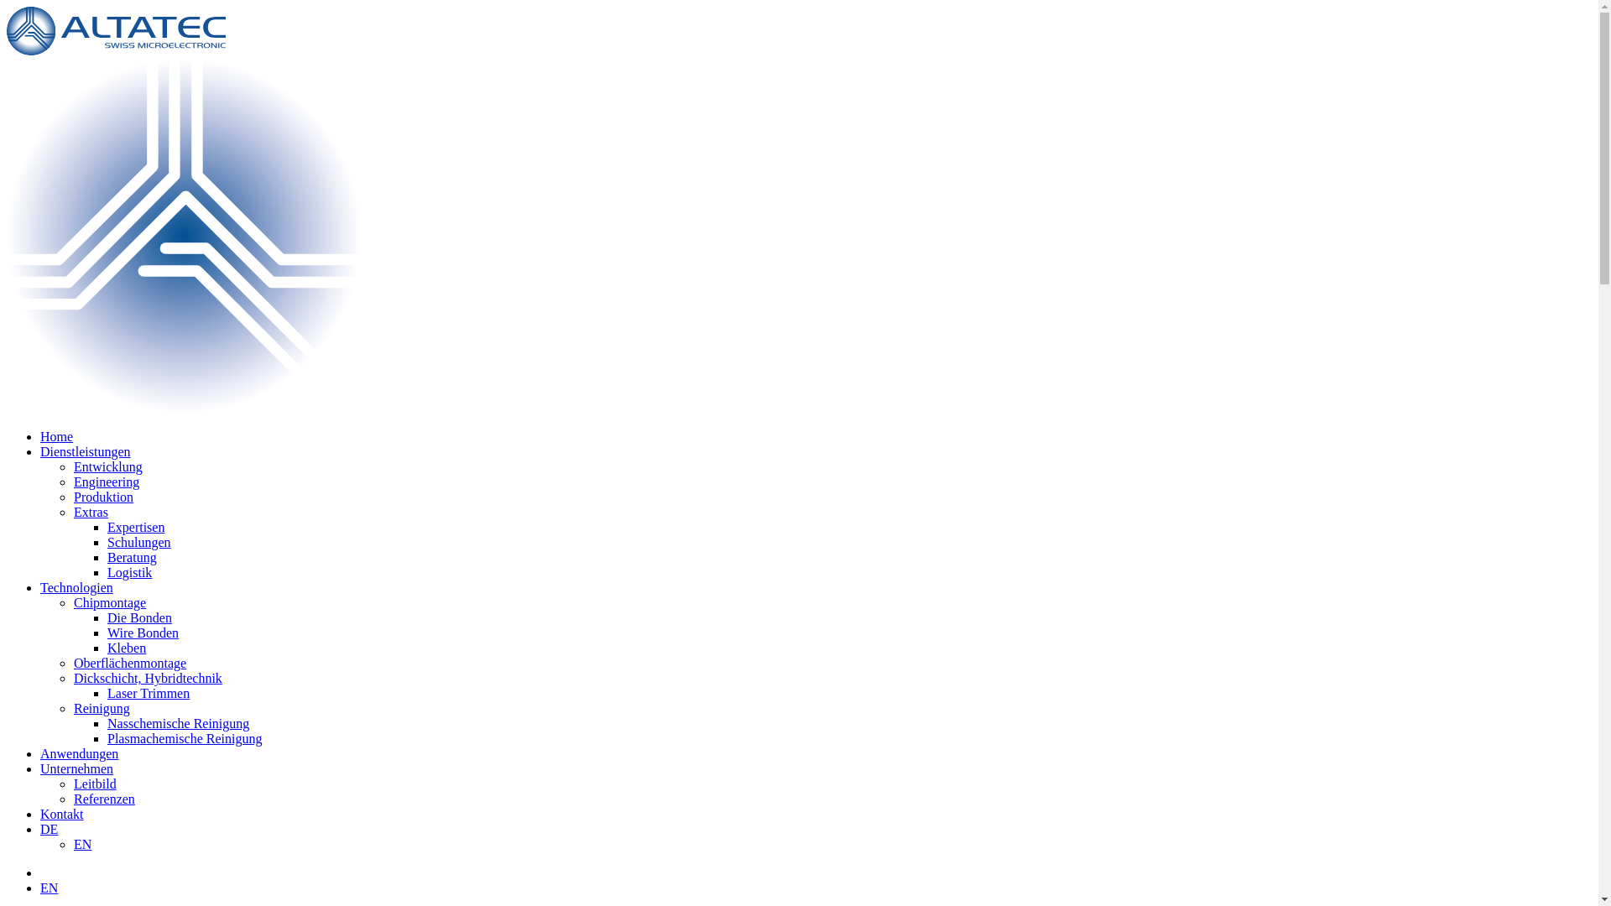  Describe the element at coordinates (101, 708) in the screenshot. I see `'Reinigung'` at that location.